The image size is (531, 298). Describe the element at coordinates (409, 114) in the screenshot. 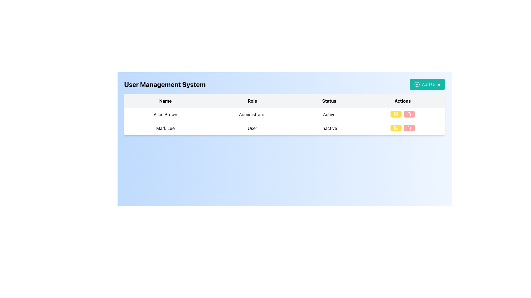

I see `the delete button represented by a trash can icon, located in the Actions column of the row for user Alice Brown` at that location.